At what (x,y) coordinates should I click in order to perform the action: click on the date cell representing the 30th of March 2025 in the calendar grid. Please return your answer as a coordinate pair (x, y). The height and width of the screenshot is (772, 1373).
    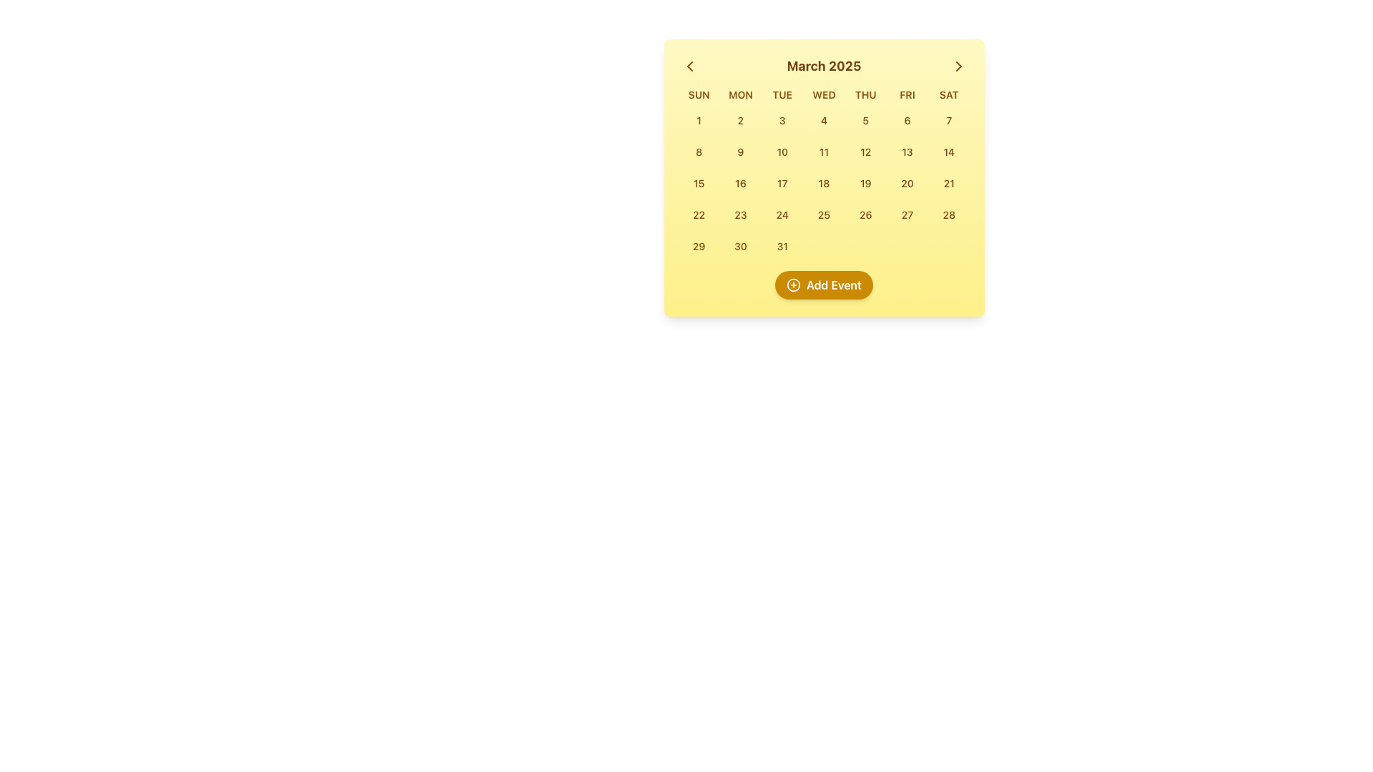
    Looking at the image, I should click on (740, 245).